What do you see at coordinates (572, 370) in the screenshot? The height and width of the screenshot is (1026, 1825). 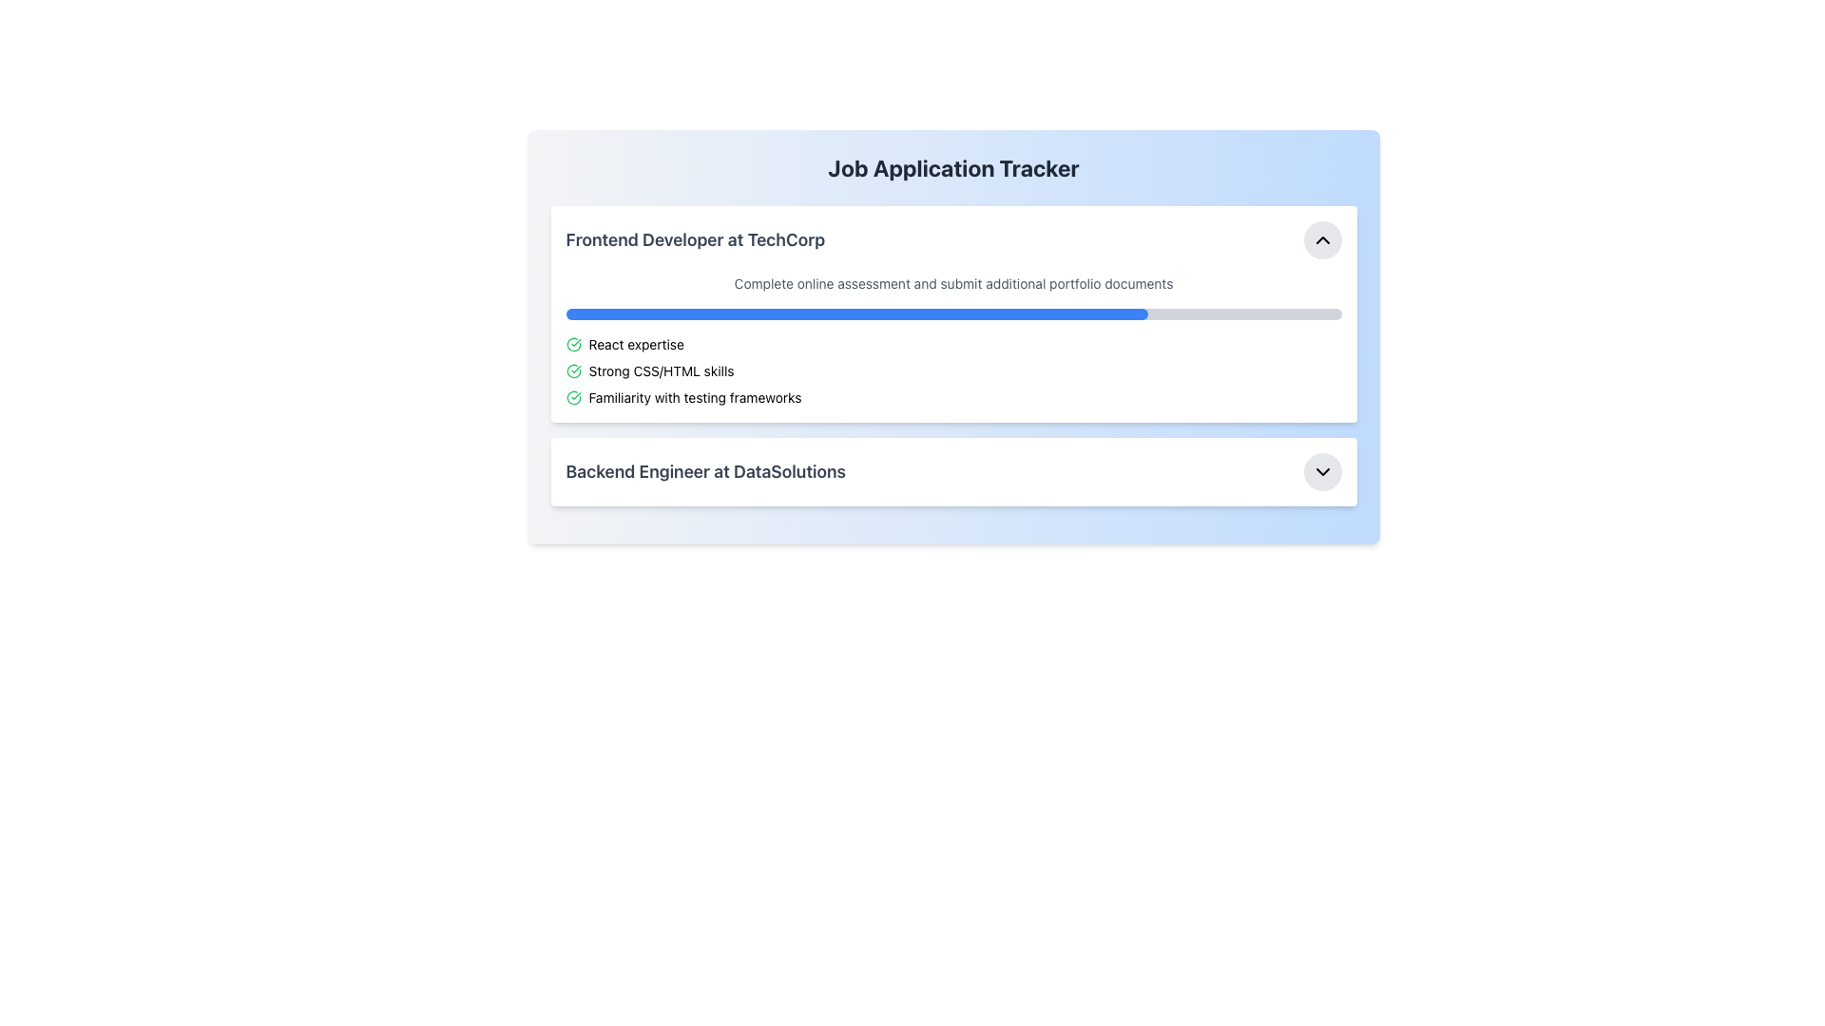 I see `the completion icon indicating 'Strong CSS/HTML skills' in the job requirements list for 'Frontend Developer at TechCorp'` at bounding box center [572, 370].